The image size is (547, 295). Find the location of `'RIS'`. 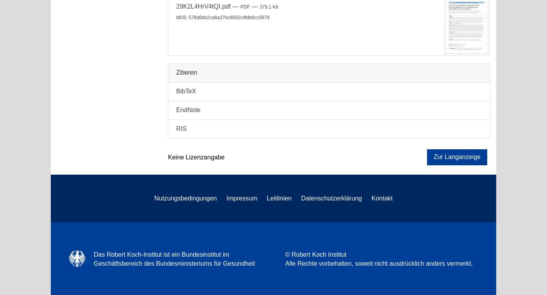

'RIS' is located at coordinates (176, 128).